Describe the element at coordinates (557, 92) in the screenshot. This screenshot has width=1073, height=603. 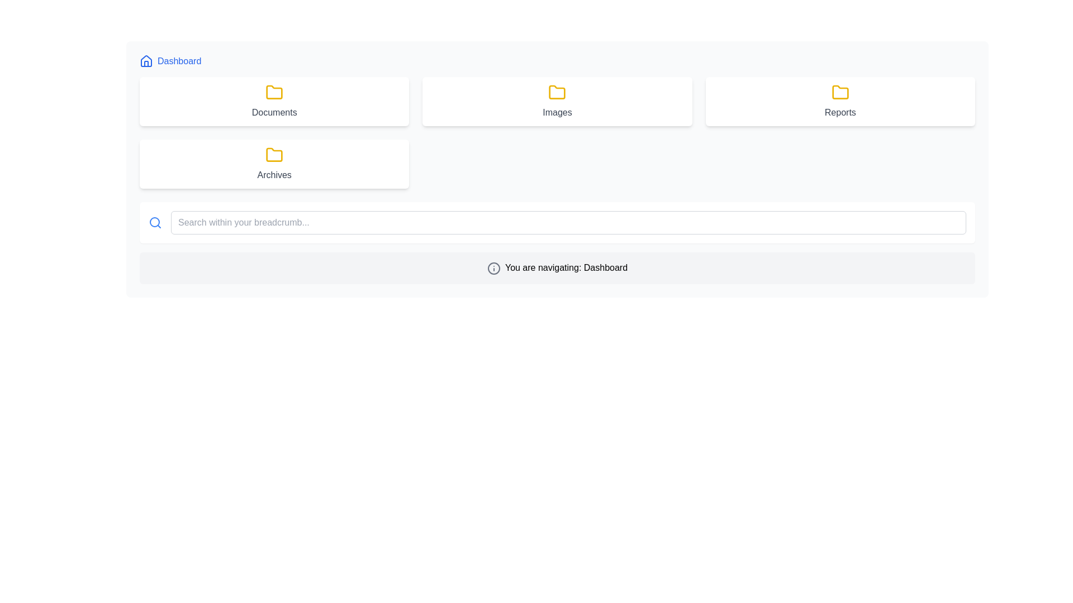
I see `the yellow folder icon located in the 'Images' section` at that location.